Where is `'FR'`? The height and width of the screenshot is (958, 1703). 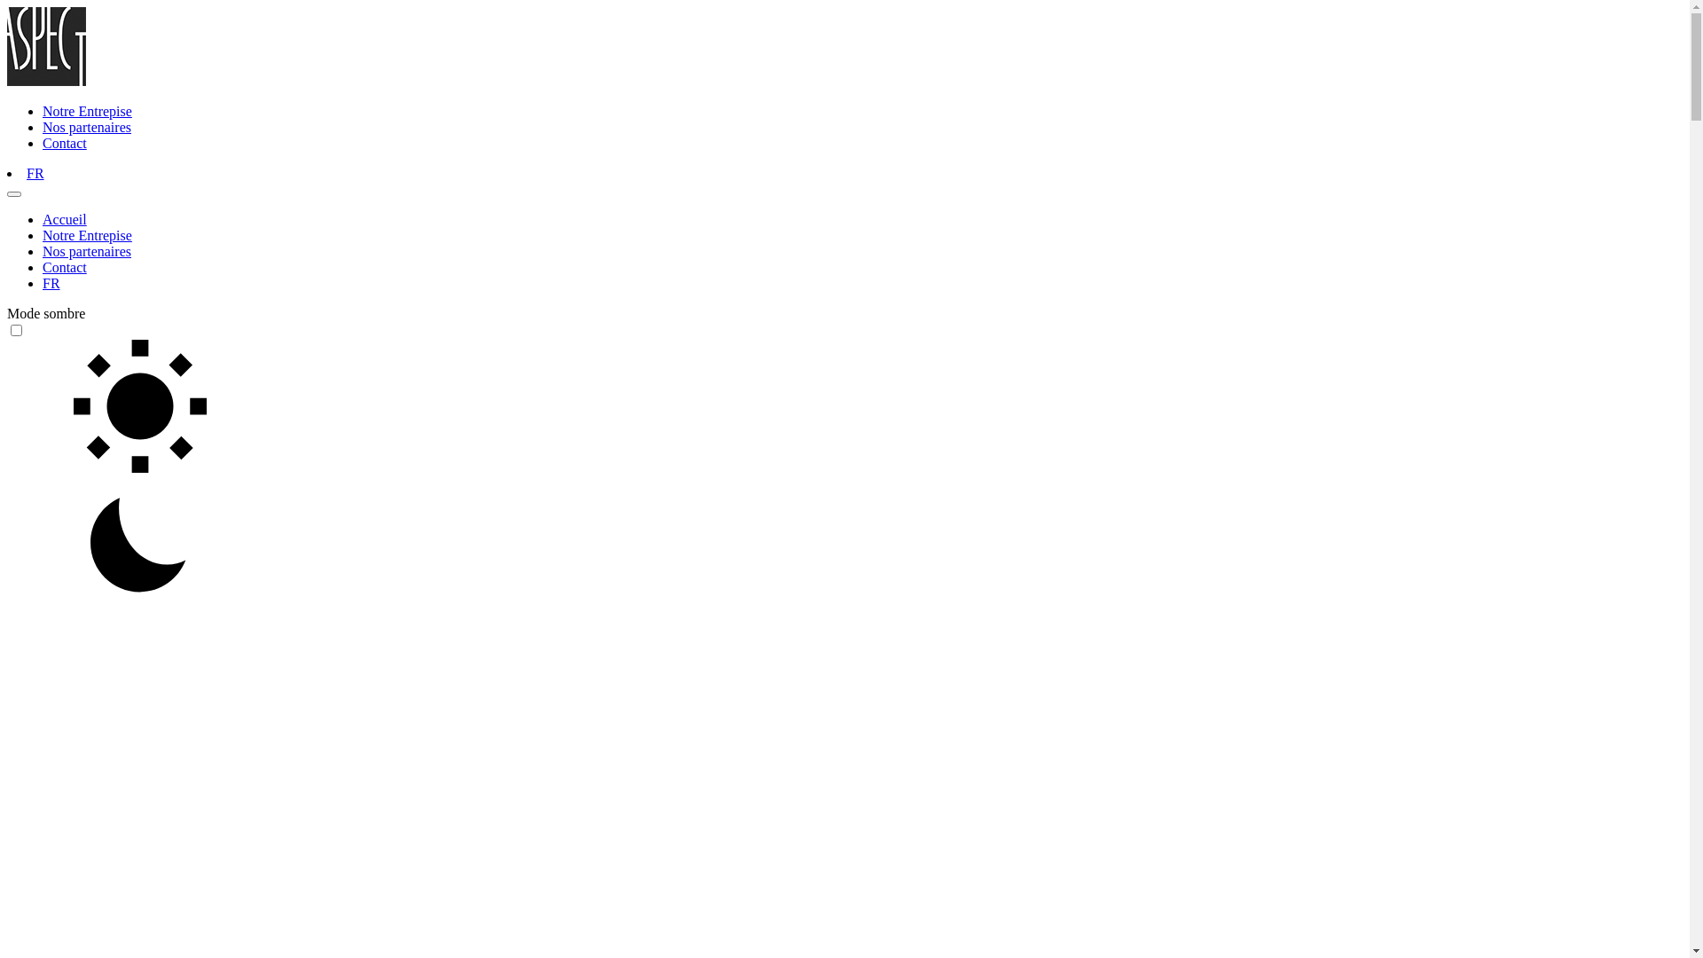
'FR' is located at coordinates (35, 173).